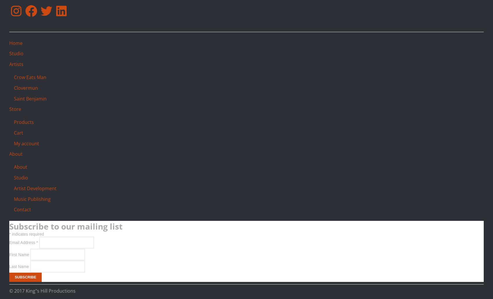  I want to click on 'Home', so click(16, 43).